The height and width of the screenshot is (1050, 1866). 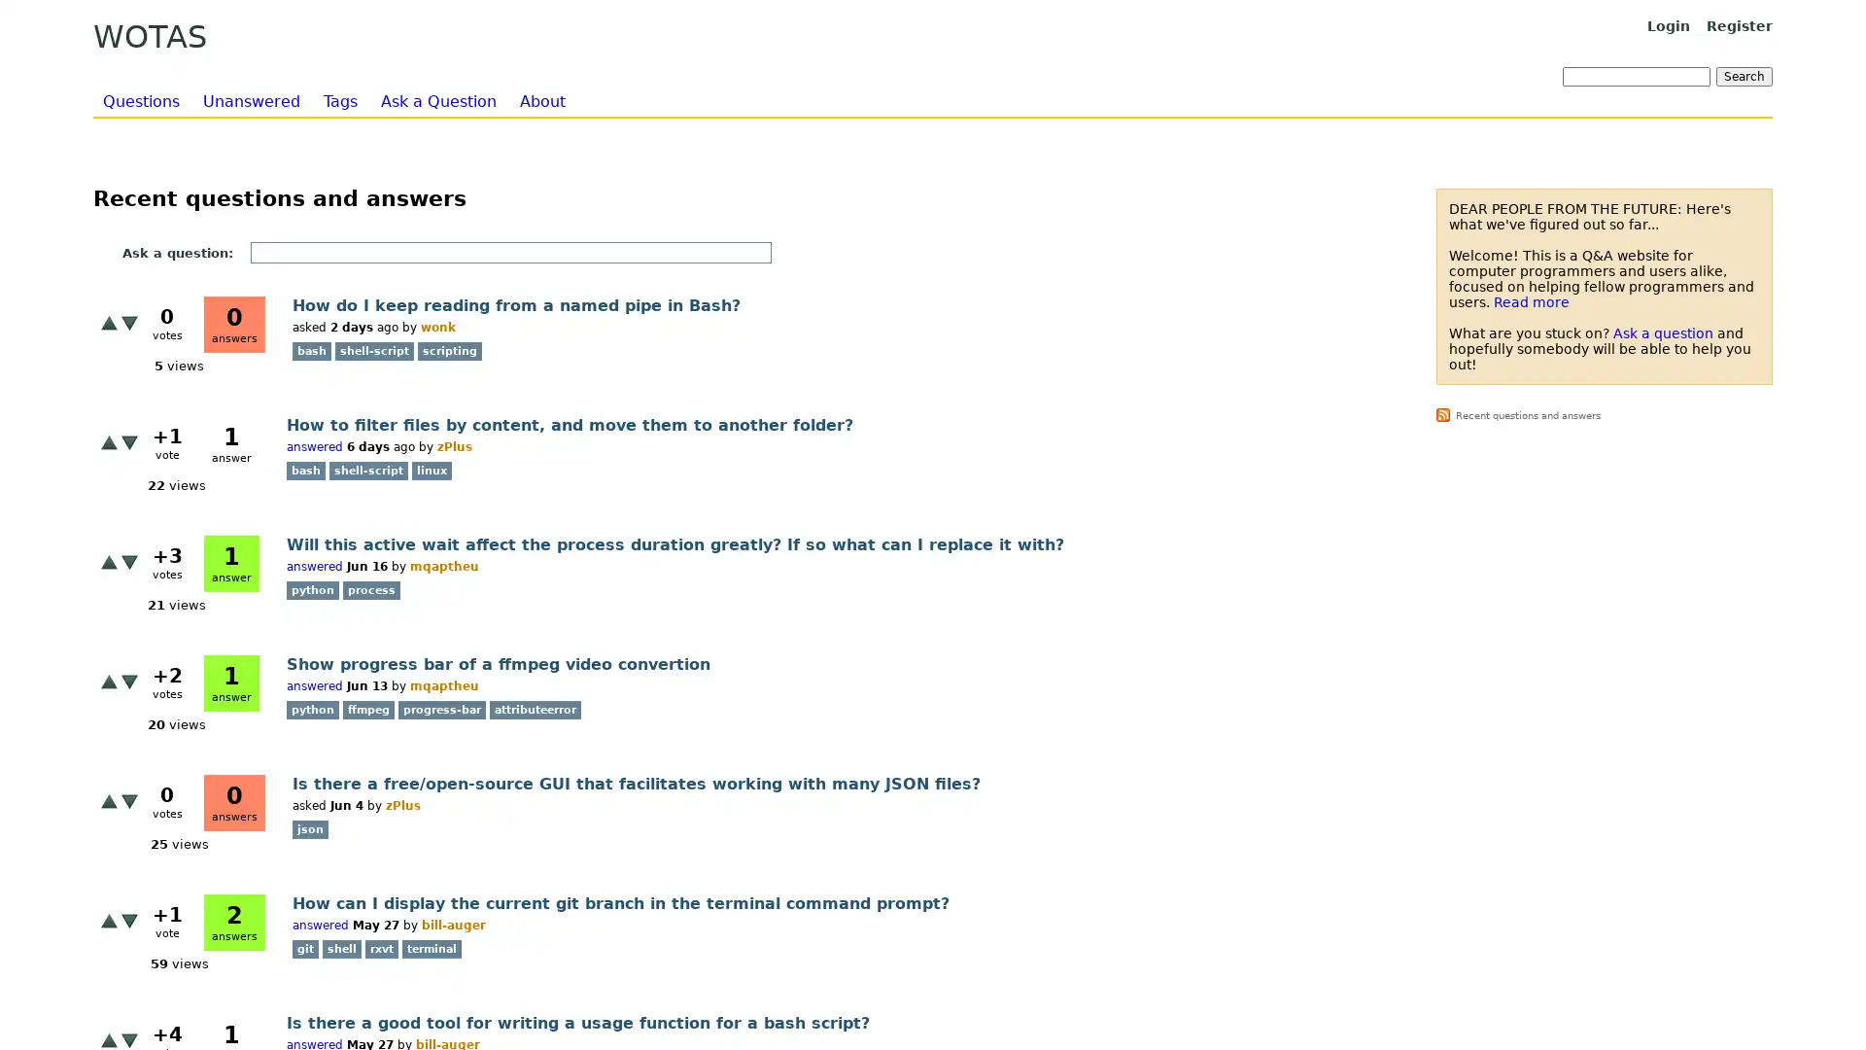 What do you see at coordinates (108, 681) in the screenshot?
I see `+` at bounding box center [108, 681].